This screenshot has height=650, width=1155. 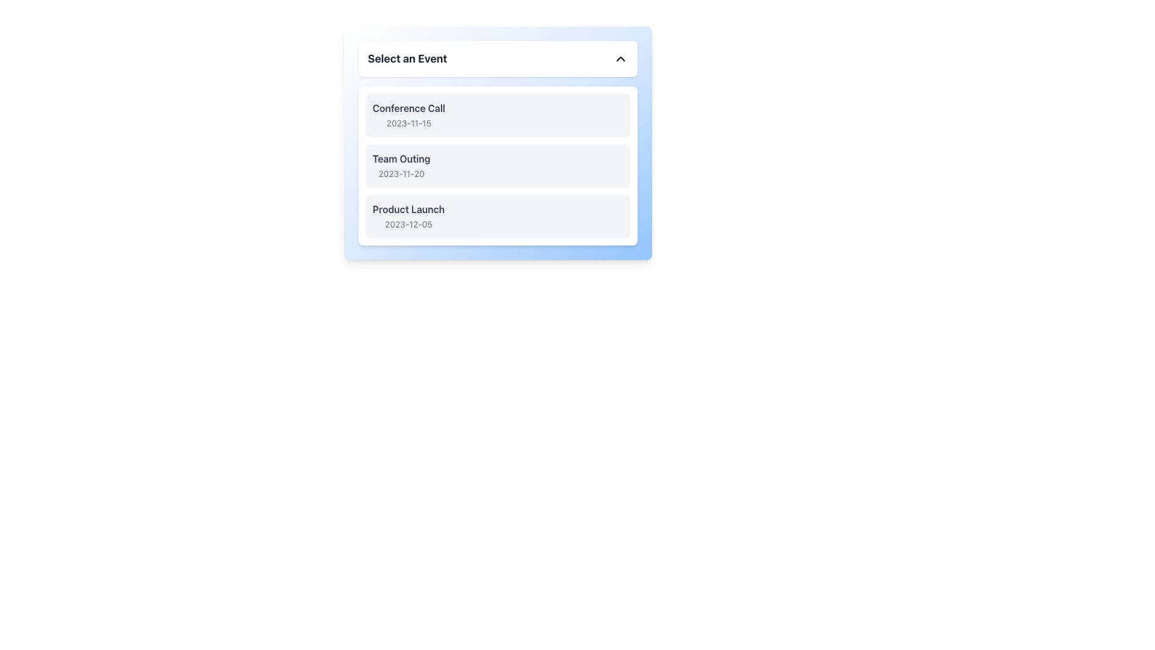 I want to click on to select the 'Product Launch' event from the third option in the vertical list of selectable cards, so click(x=408, y=215).